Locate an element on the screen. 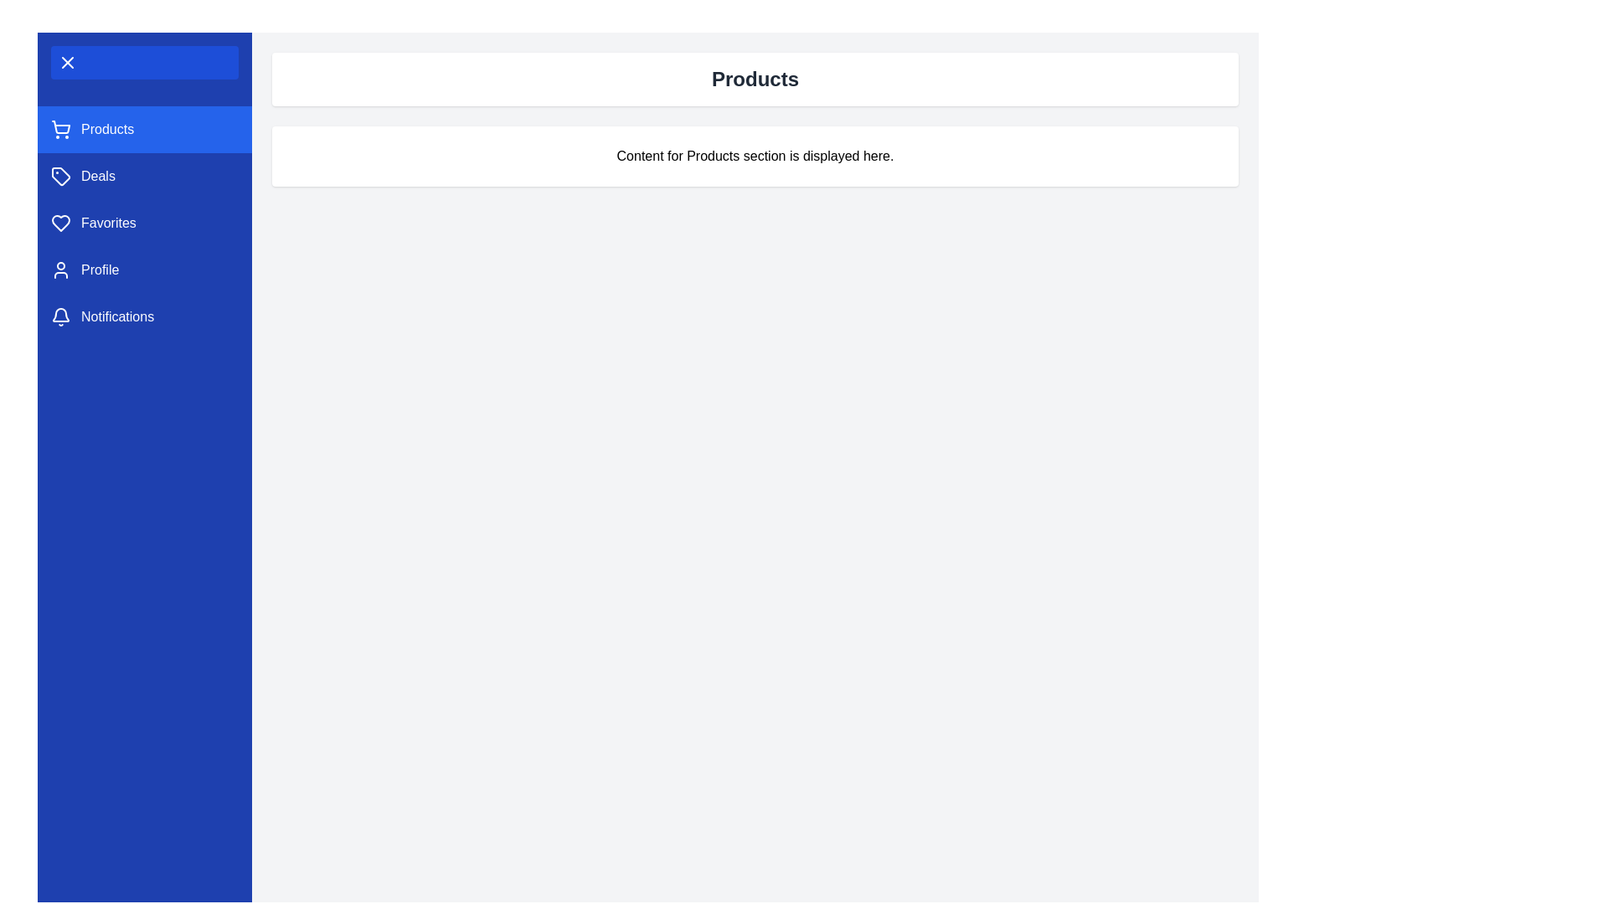  text in the header section that contains the bolded word 'Products', which is located at the top of the main content area, centered horizontally and vertically is located at coordinates (755, 80).